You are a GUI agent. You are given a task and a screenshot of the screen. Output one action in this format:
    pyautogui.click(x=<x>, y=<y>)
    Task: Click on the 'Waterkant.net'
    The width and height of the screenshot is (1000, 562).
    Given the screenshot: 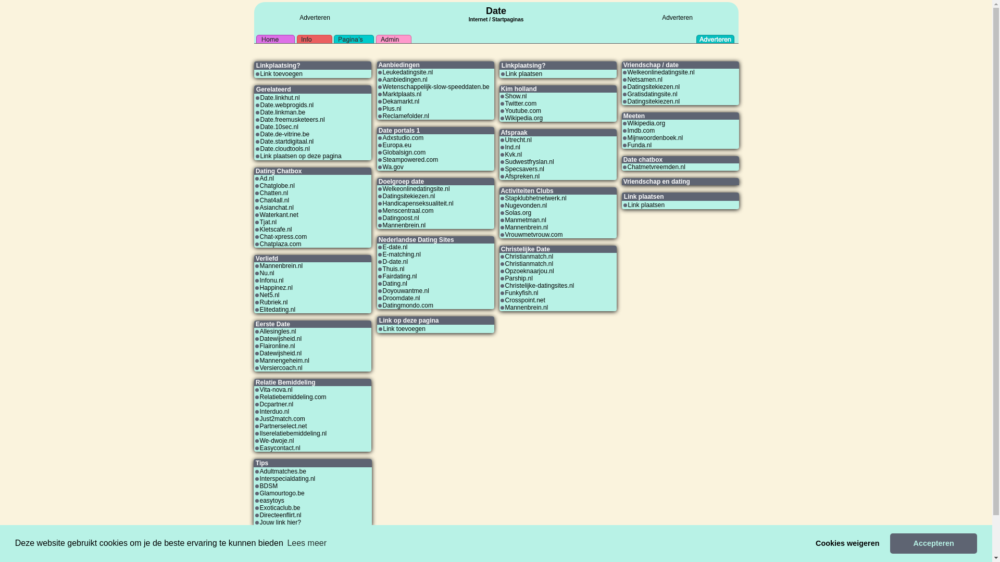 What is the action you would take?
    pyautogui.click(x=278, y=214)
    